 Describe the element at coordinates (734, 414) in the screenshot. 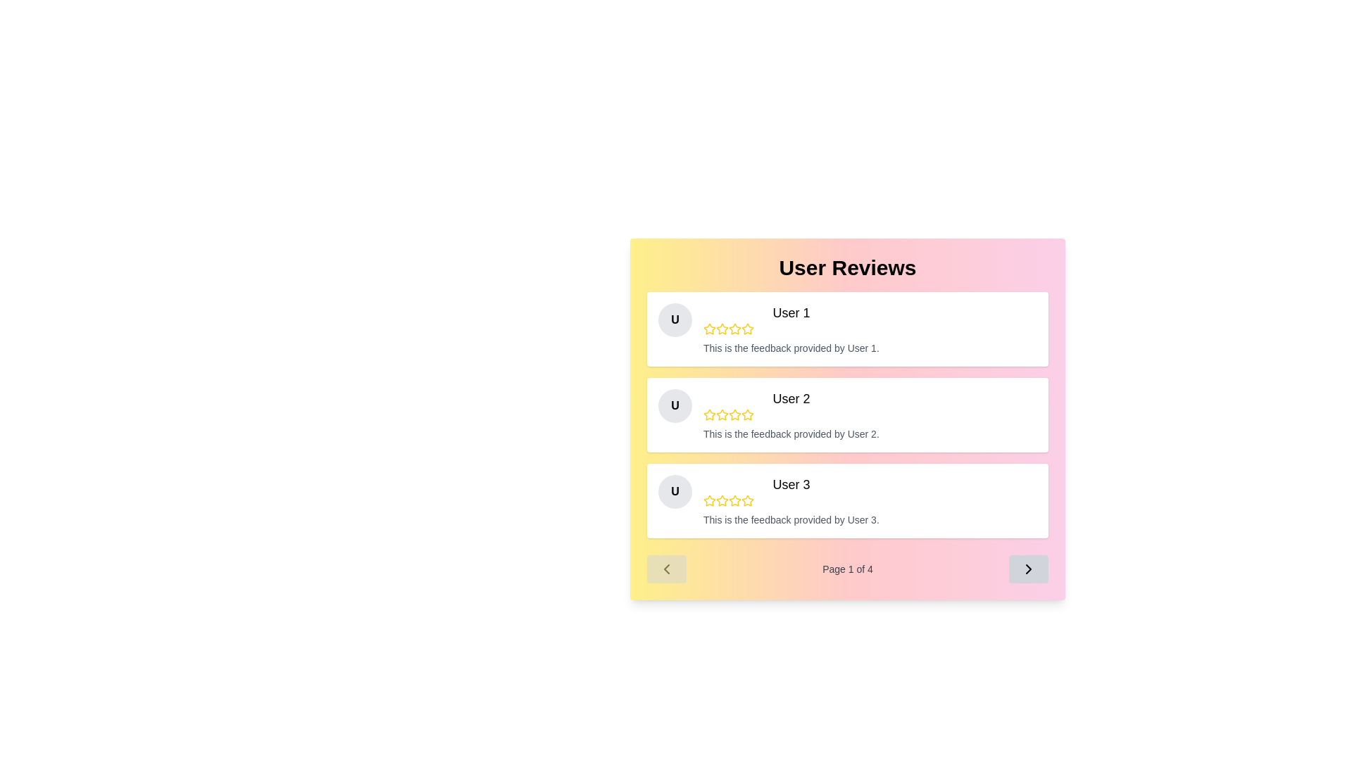

I see `the fourth star in the second user's rating section to indicate a rating for a specific review` at that location.